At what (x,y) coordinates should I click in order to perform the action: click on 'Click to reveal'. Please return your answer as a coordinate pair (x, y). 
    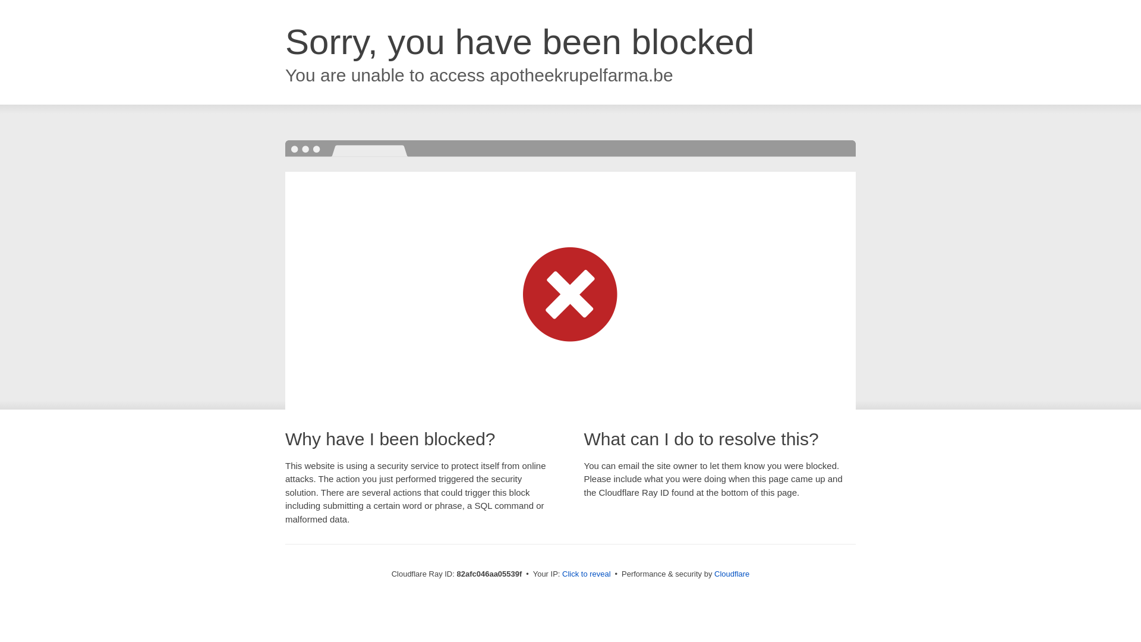
    Looking at the image, I should click on (587, 573).